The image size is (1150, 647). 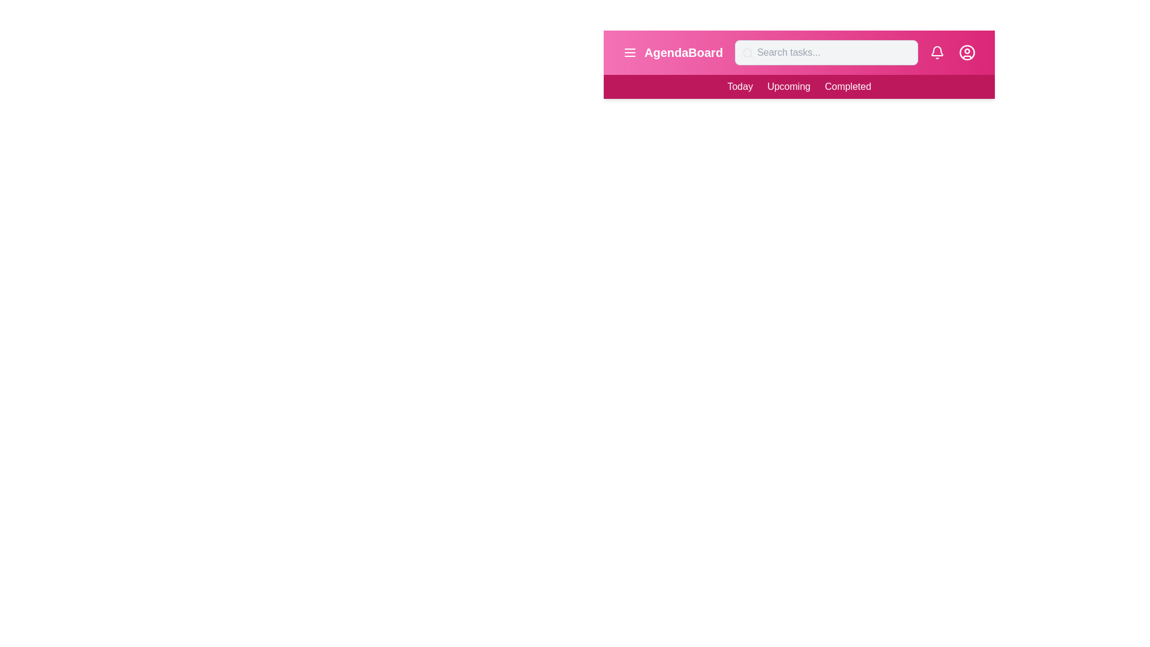 I want to click on the 'Upcoming' menu item in the navigation bar, so click(x=788, y=86).